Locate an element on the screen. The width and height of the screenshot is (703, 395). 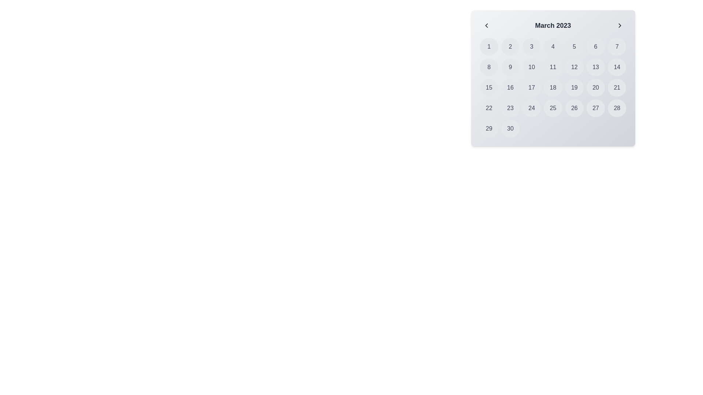
the circular button displaying the number '4' in the March 2023 calendar is located at coordinates (553, 46).